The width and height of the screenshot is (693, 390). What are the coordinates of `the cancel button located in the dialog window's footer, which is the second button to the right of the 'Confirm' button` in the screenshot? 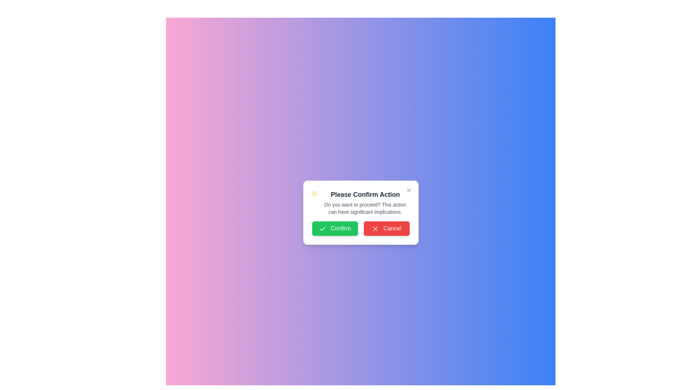 It's located at (386, 228).